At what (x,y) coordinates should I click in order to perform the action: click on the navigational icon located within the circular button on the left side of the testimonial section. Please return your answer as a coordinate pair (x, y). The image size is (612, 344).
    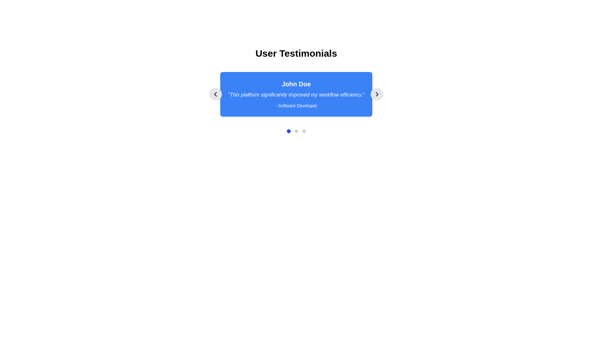
    Looking at the image, I should click on (215, 94).